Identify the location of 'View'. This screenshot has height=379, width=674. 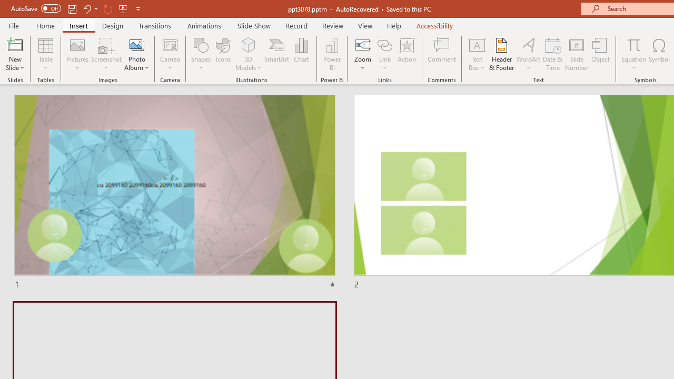
(365, 25).